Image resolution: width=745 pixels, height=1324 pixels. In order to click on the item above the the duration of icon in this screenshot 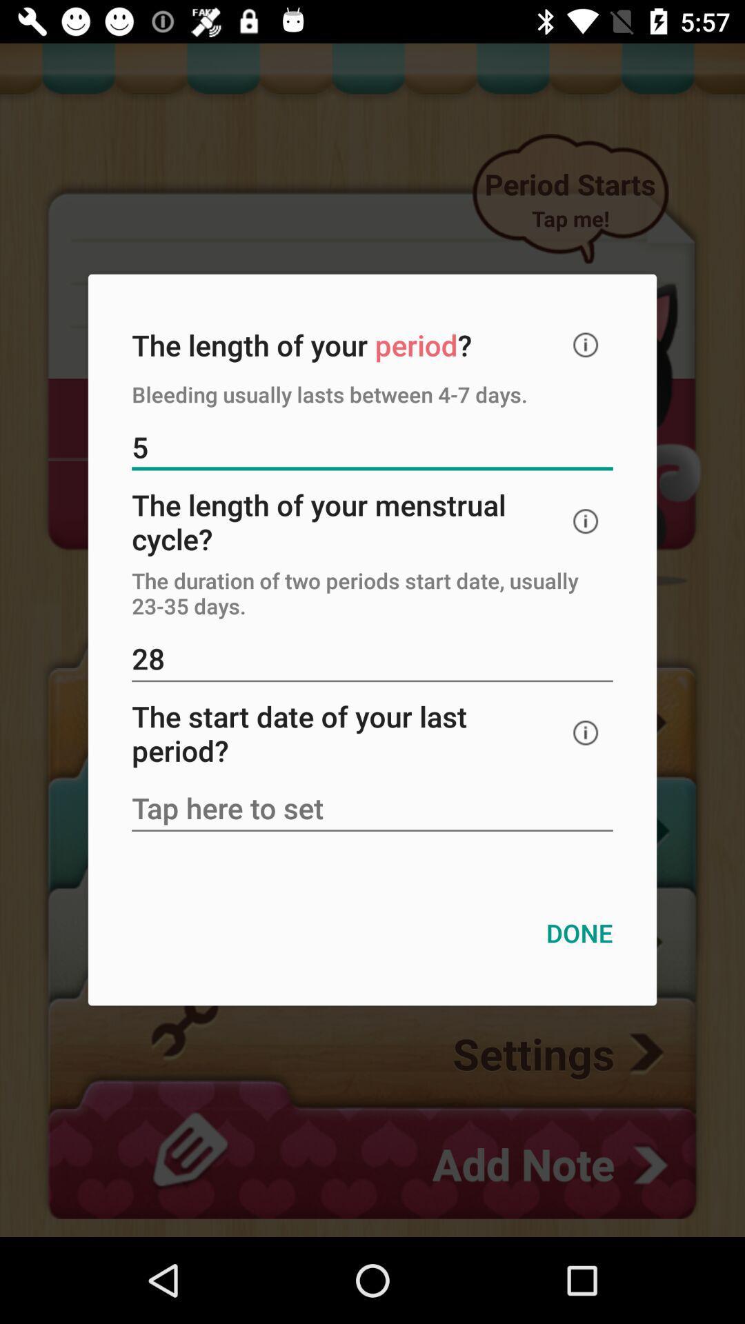, I will do `click(586, 521)`.